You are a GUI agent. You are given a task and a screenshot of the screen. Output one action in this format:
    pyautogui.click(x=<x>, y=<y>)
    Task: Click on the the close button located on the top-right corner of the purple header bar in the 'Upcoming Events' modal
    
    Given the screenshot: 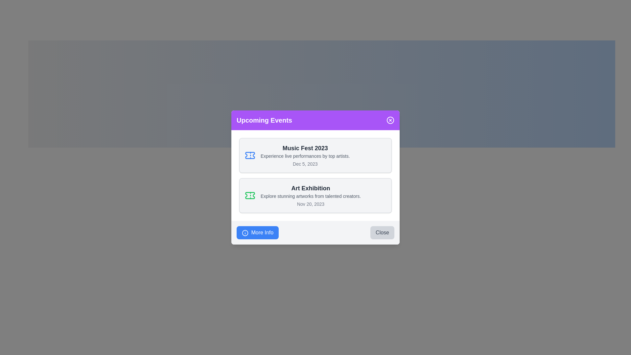 What is the action you would take?
    pyautogui.click(x=390, y=120)
    